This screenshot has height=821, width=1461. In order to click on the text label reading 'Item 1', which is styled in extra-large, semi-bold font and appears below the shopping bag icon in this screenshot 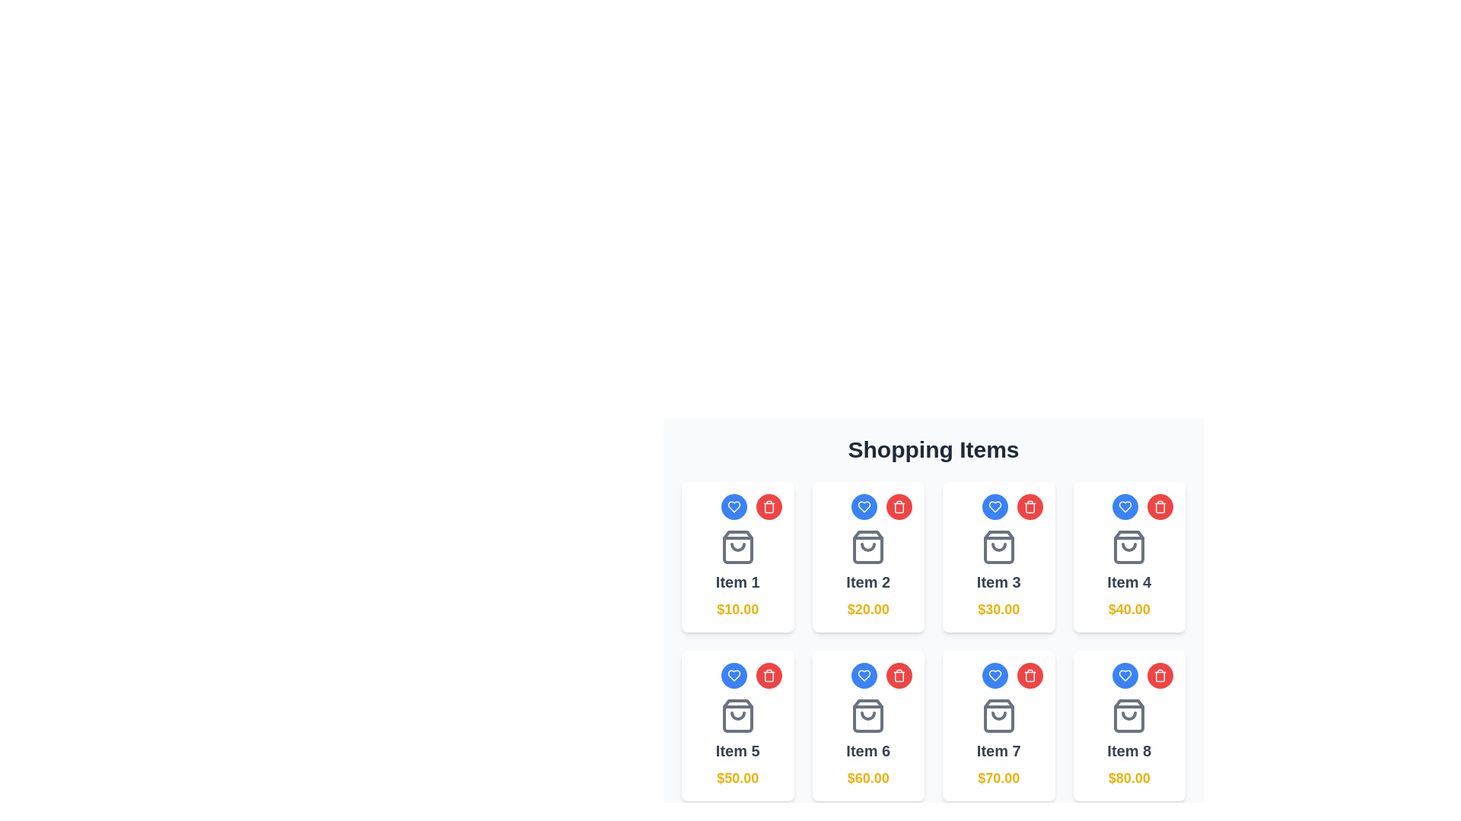, I will do `click(737, 582)`.